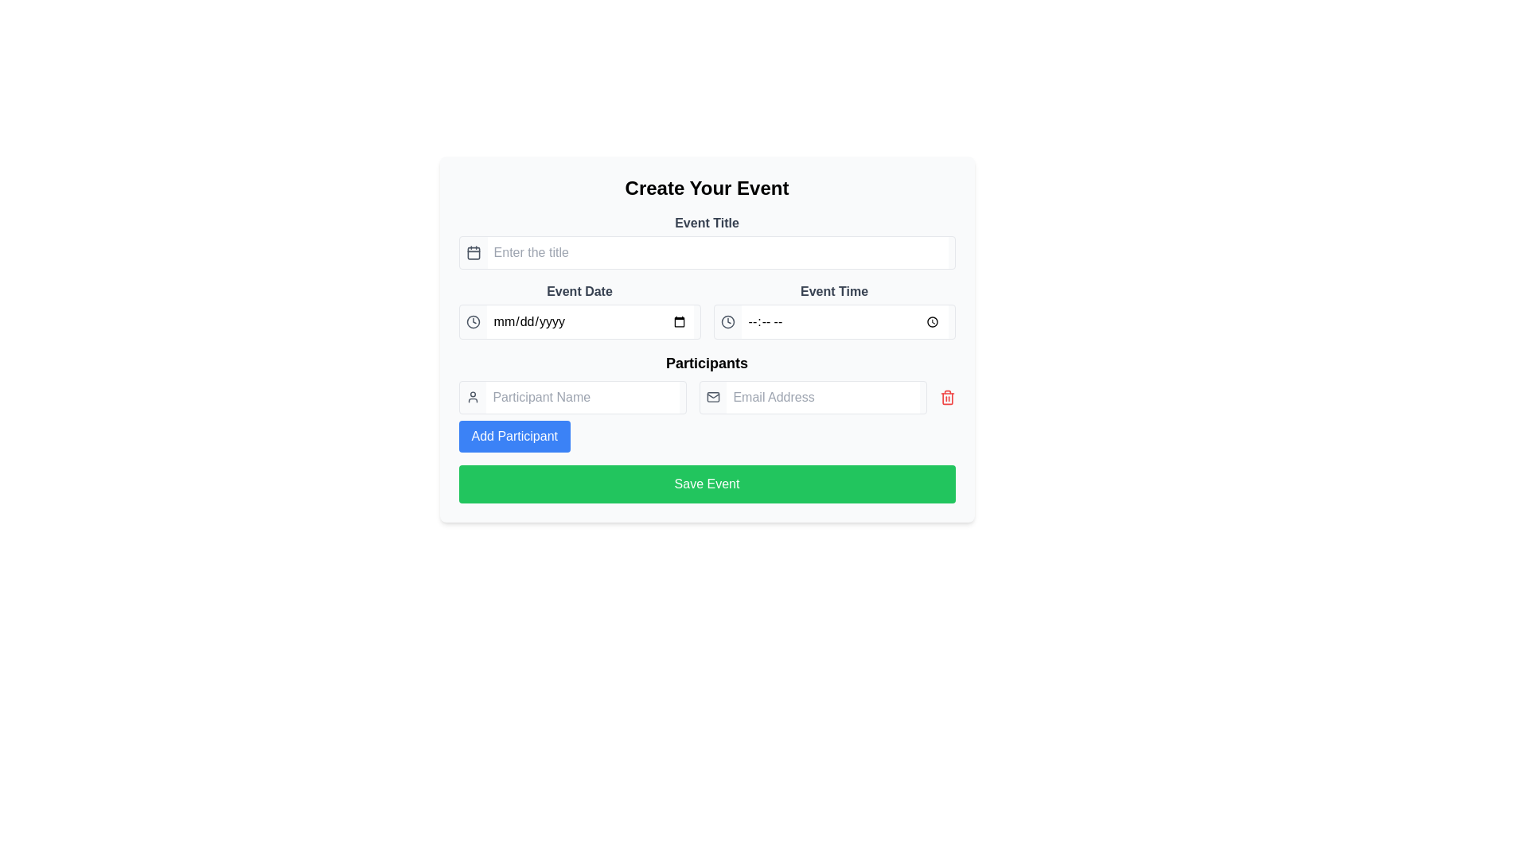  I want to click on the Text label that indicates the expected data type for the date input field, located under the 'Event Title' field and above the date input field with the placeholder 'mm/dd/yyyy', so click(579, 291).